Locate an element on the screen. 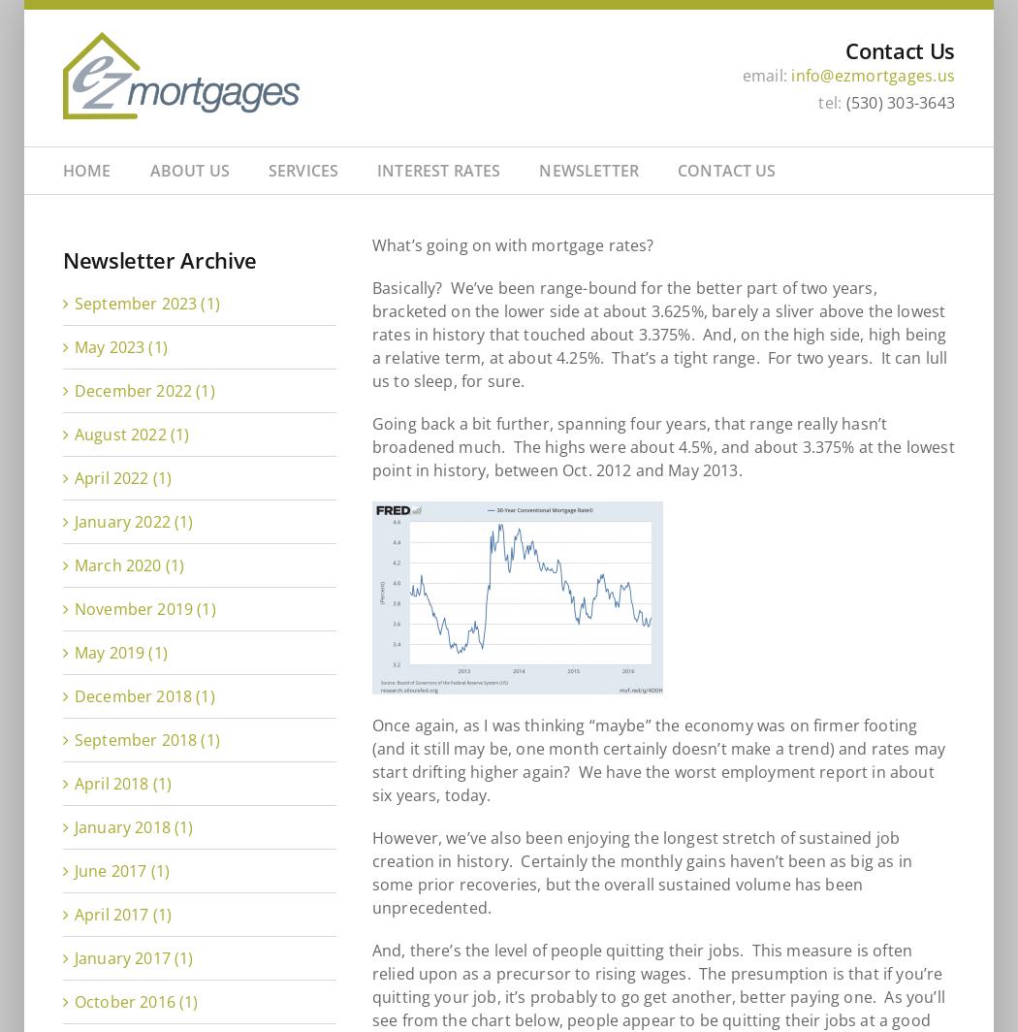 The image size is (1018, 1032). 'Nicolas Moszoro' is located at coordinates (429, 306).